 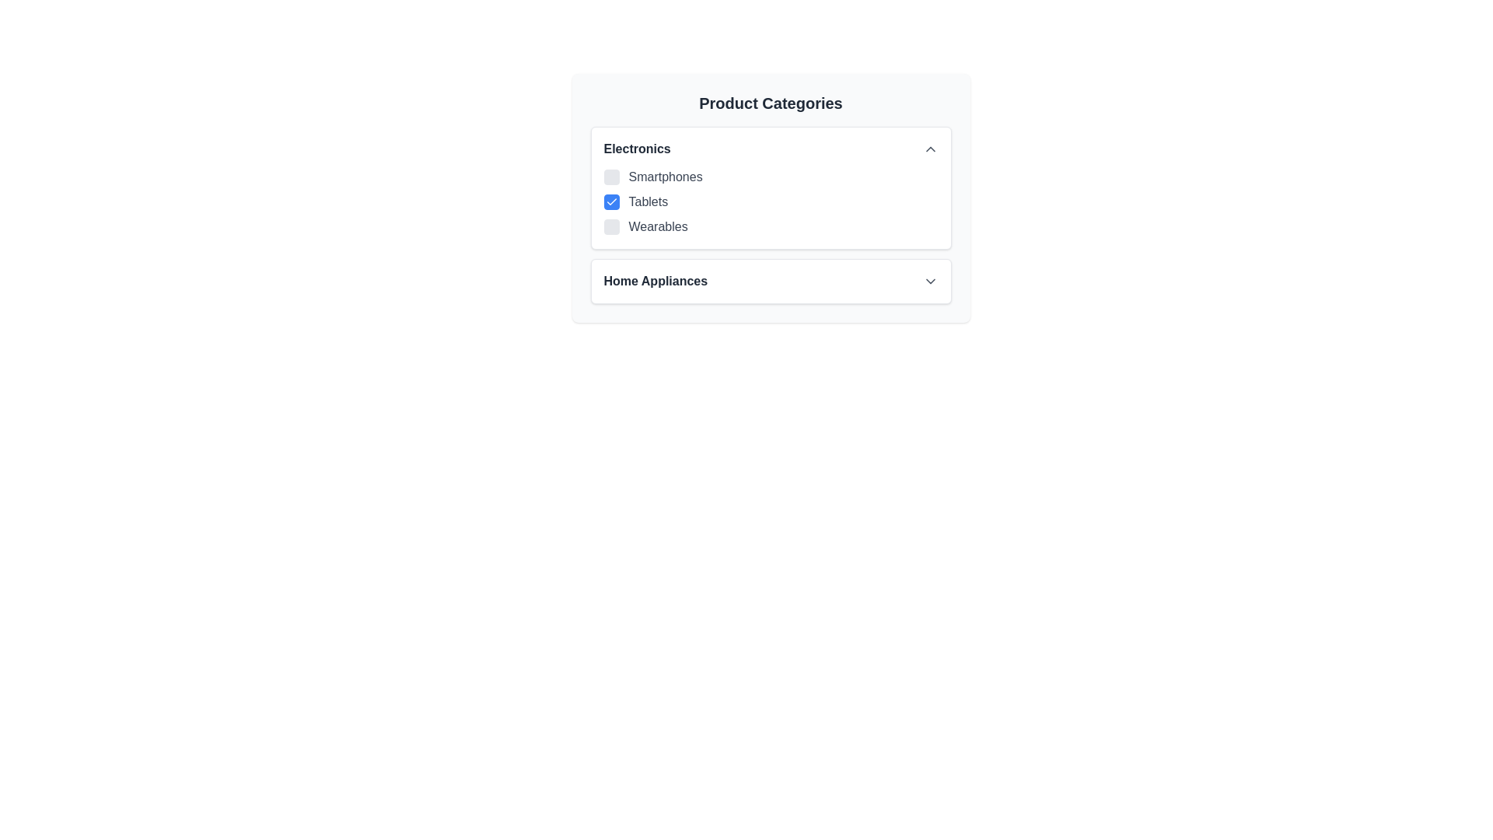 What do you see at coordinates (610, 227) in the screenshot?
I see `the 'Wearables' checkbox` at bounding box center [610, 227].